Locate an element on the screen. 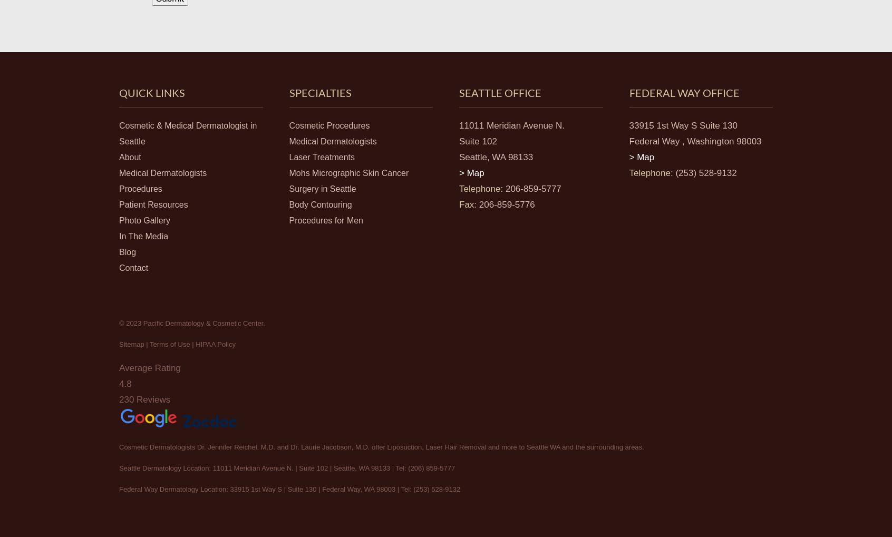 The image size is (892, 537). 'Cosmetic & Medical Dermatologist in Seattle' is located at coordinates (188, 133).